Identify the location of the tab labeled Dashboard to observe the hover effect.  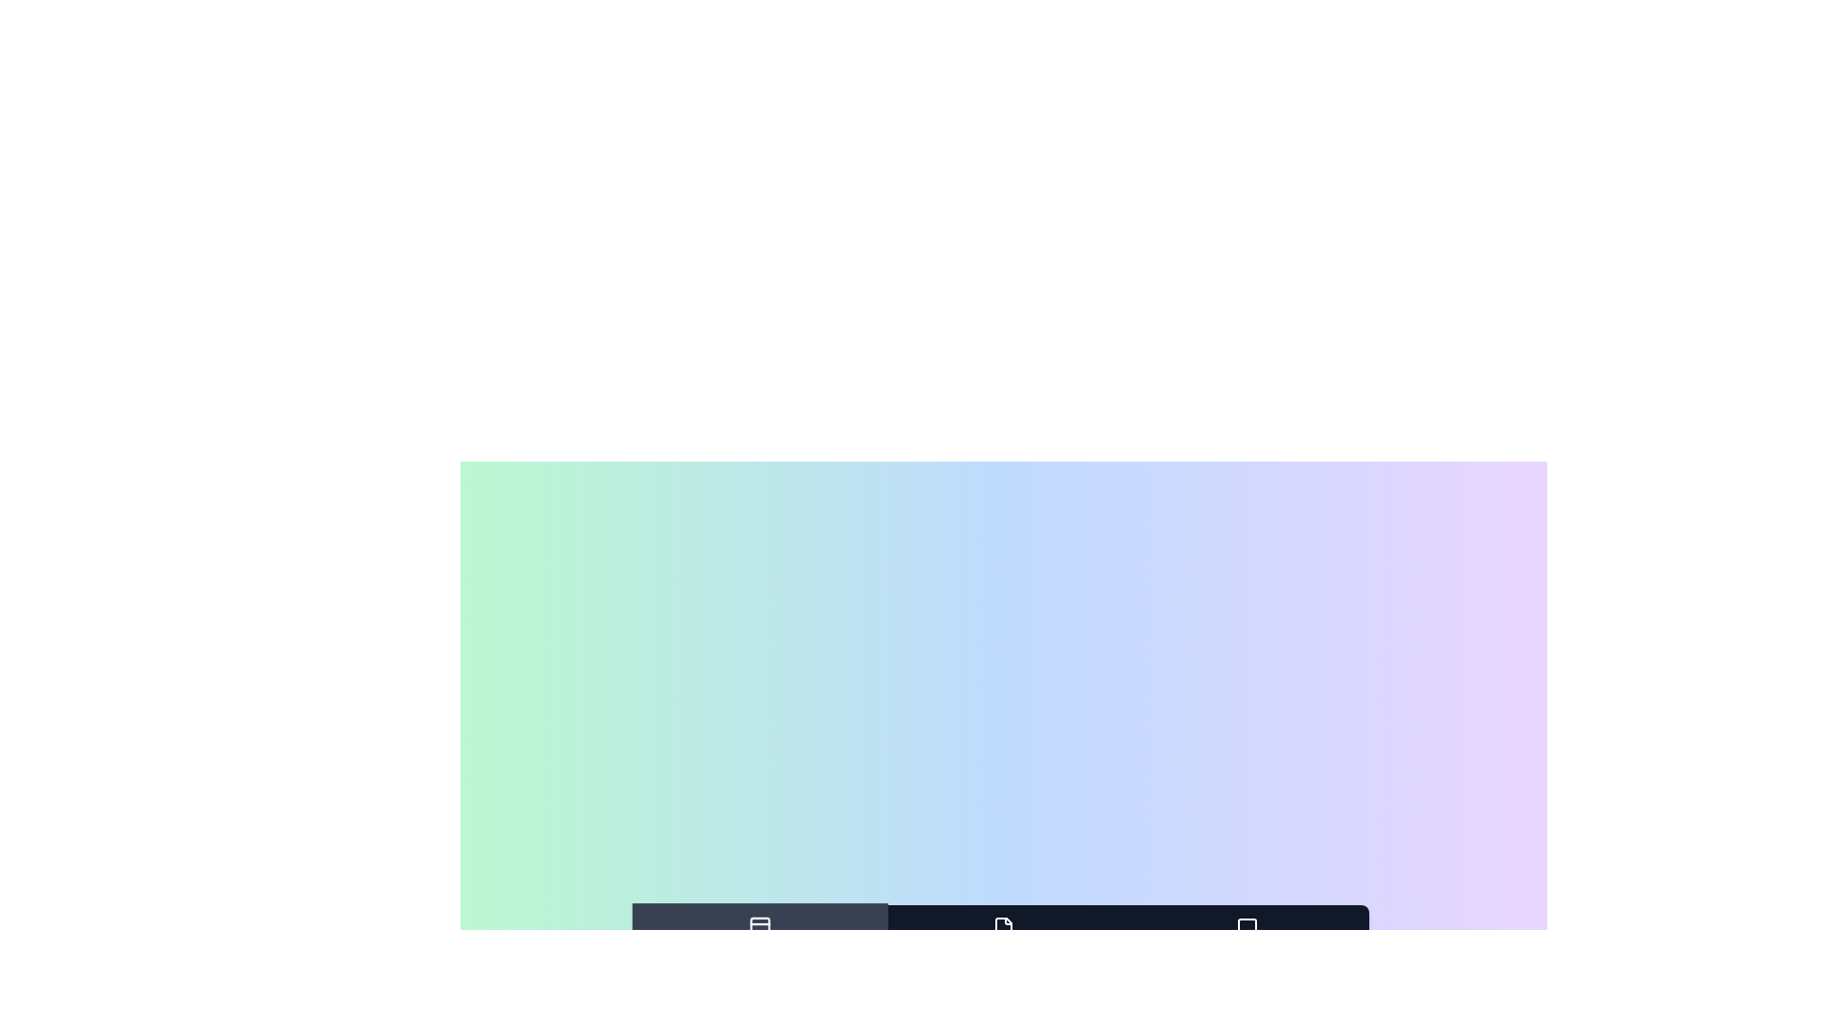
(758, 939).